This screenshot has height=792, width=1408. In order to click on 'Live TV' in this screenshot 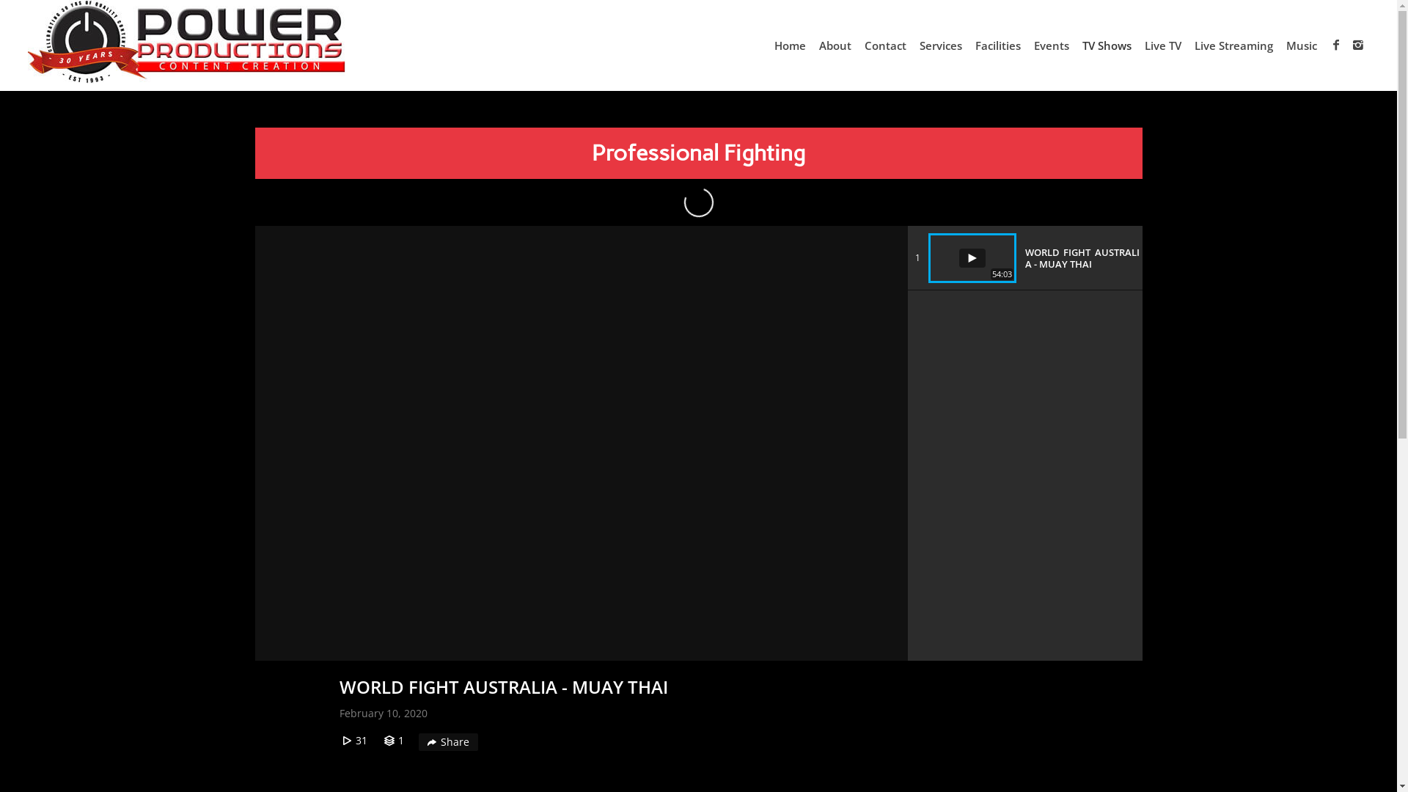, I will do `click(1162, 44)`.